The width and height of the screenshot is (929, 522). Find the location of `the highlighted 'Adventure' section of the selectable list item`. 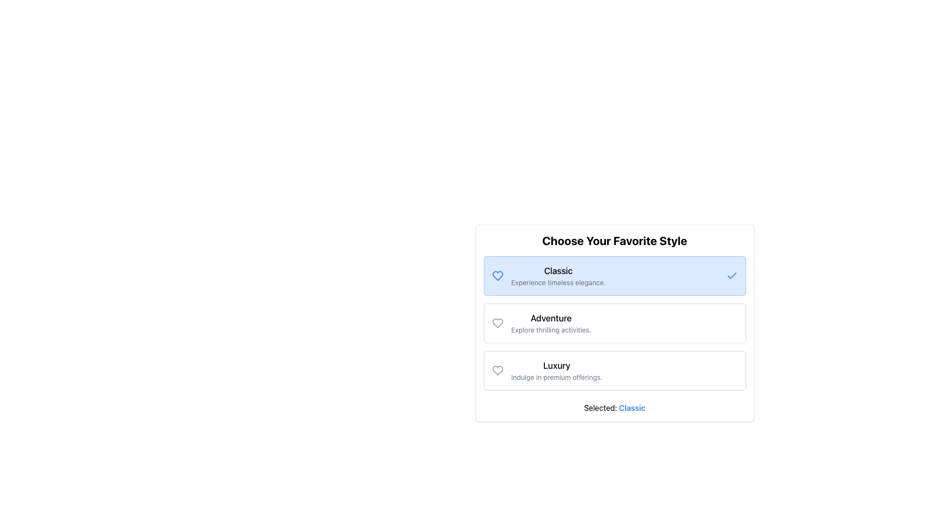

the highlighted 'Adventure' section of the selectable list item is located at coordinates (614, 323).